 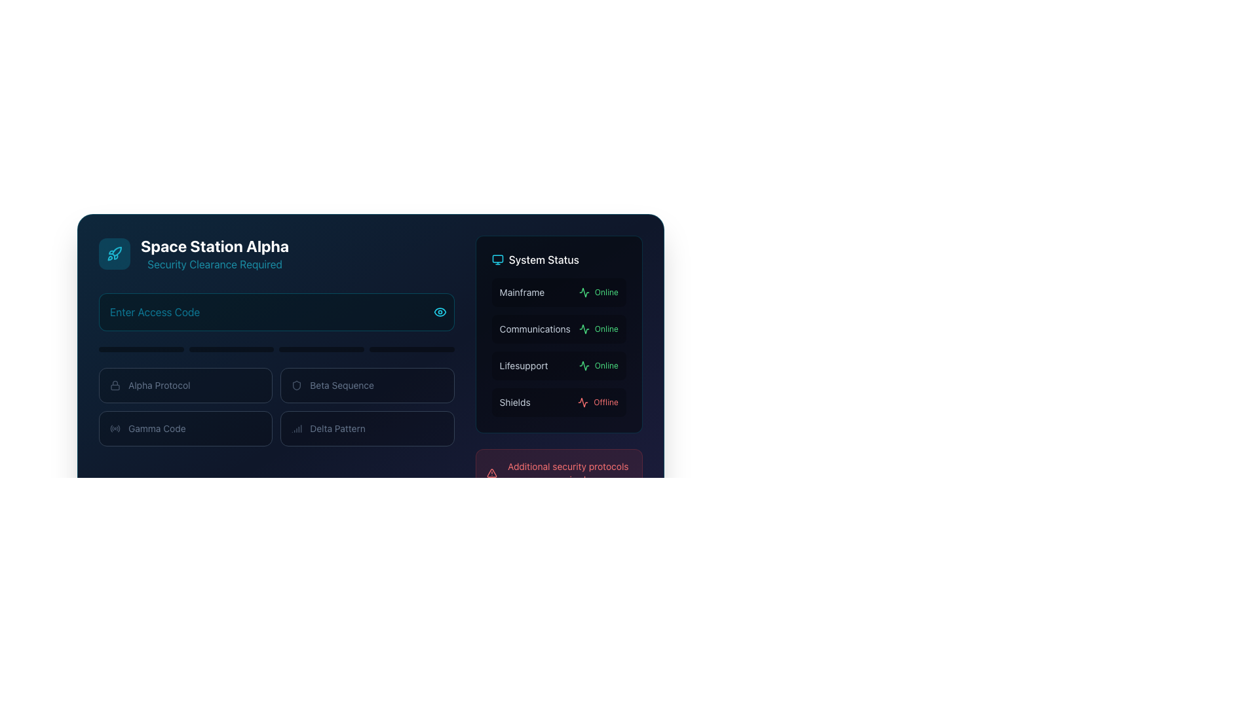 I want to click on the zigzag icon representing the status indicator located to the left of the 'Offline' text in the 'Shields' status entry of the 'System Status' panel, so click(x=582, y=401).